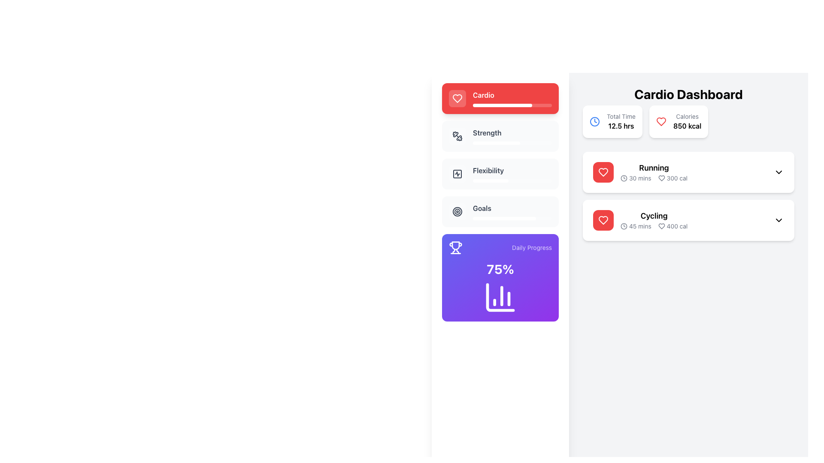 The width and height of the screenshot is (824, 463). What do you see at coordinates (457, 174) in the screenshot?
I see `the 'Flexibility' icon in the sidebar menu` at bounding box center [457, 174].